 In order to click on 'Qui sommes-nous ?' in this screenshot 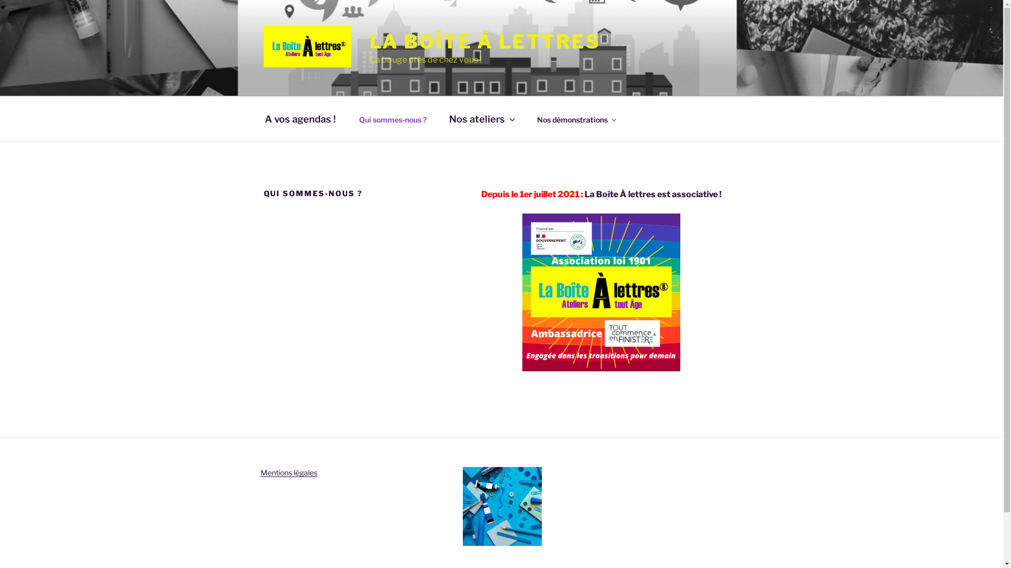, I will do `click(392, 119)`.